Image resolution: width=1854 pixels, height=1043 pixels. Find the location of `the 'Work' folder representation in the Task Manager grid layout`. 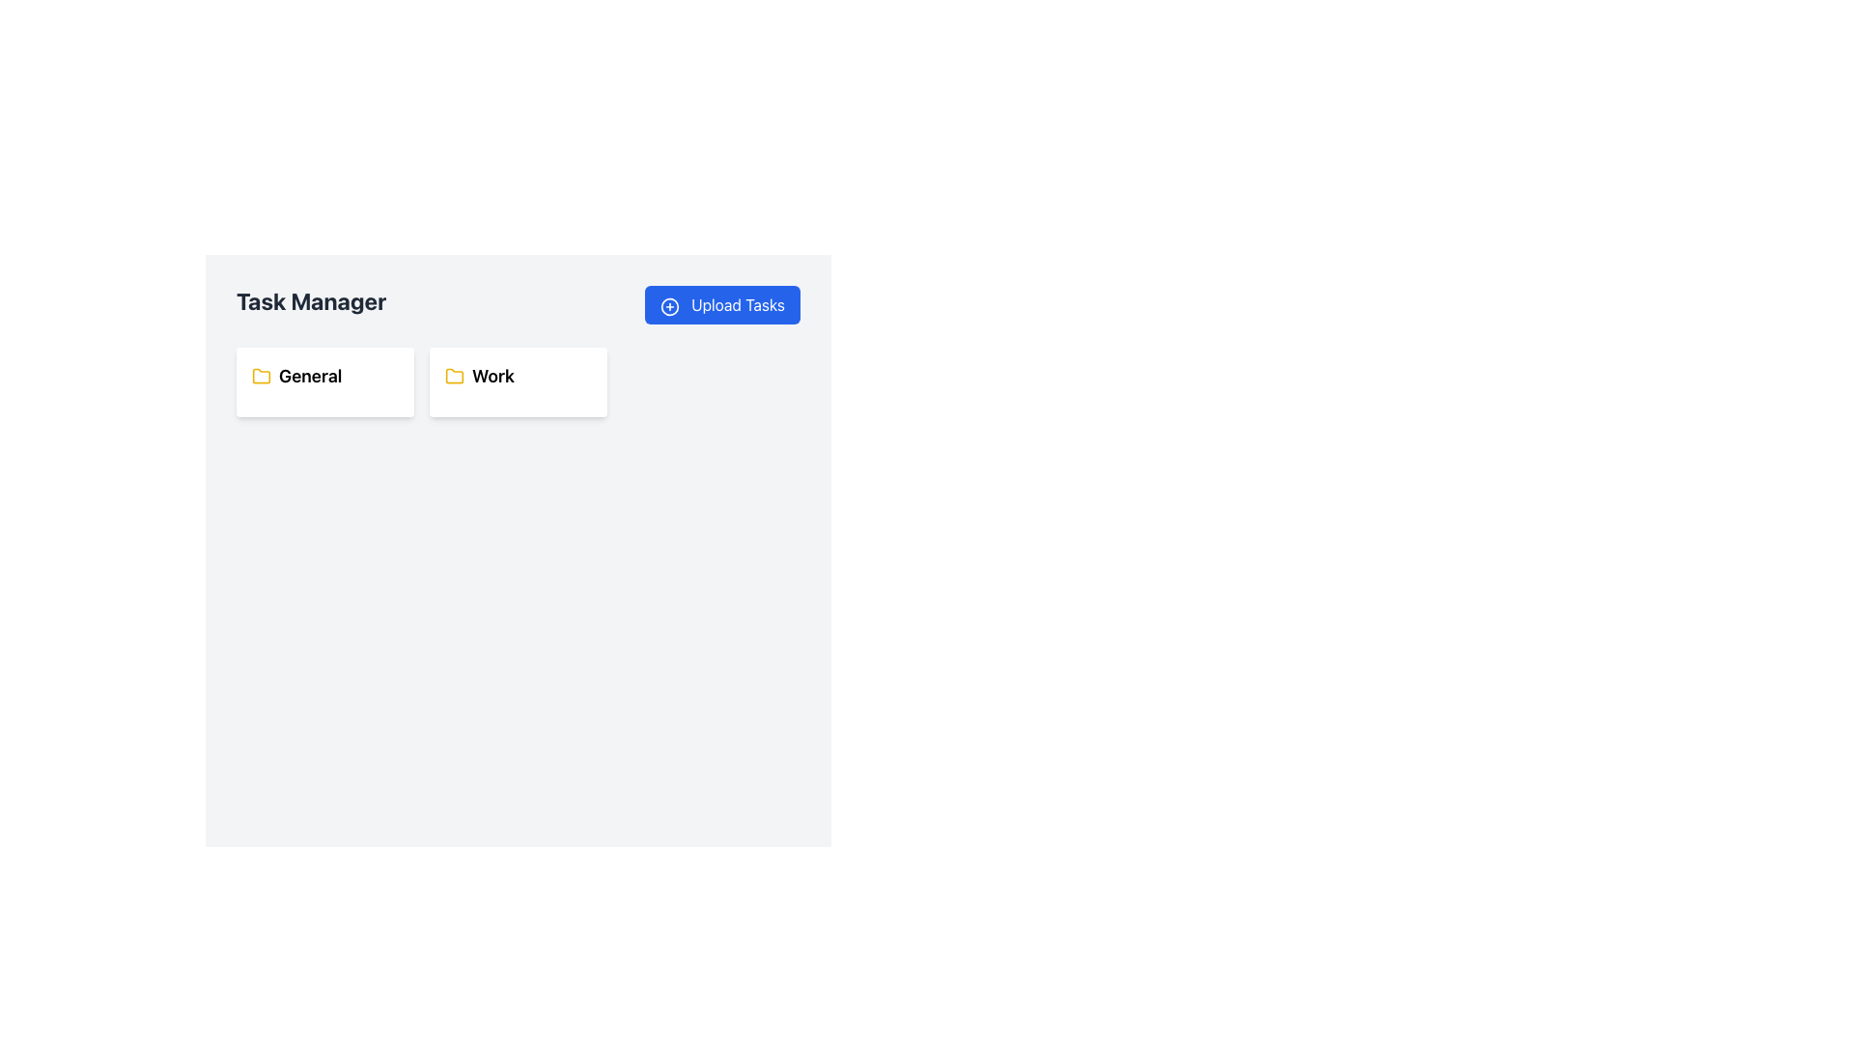

the 'Work' folder representation in the Task Manager grid layout is located at coordinates (519, 382).